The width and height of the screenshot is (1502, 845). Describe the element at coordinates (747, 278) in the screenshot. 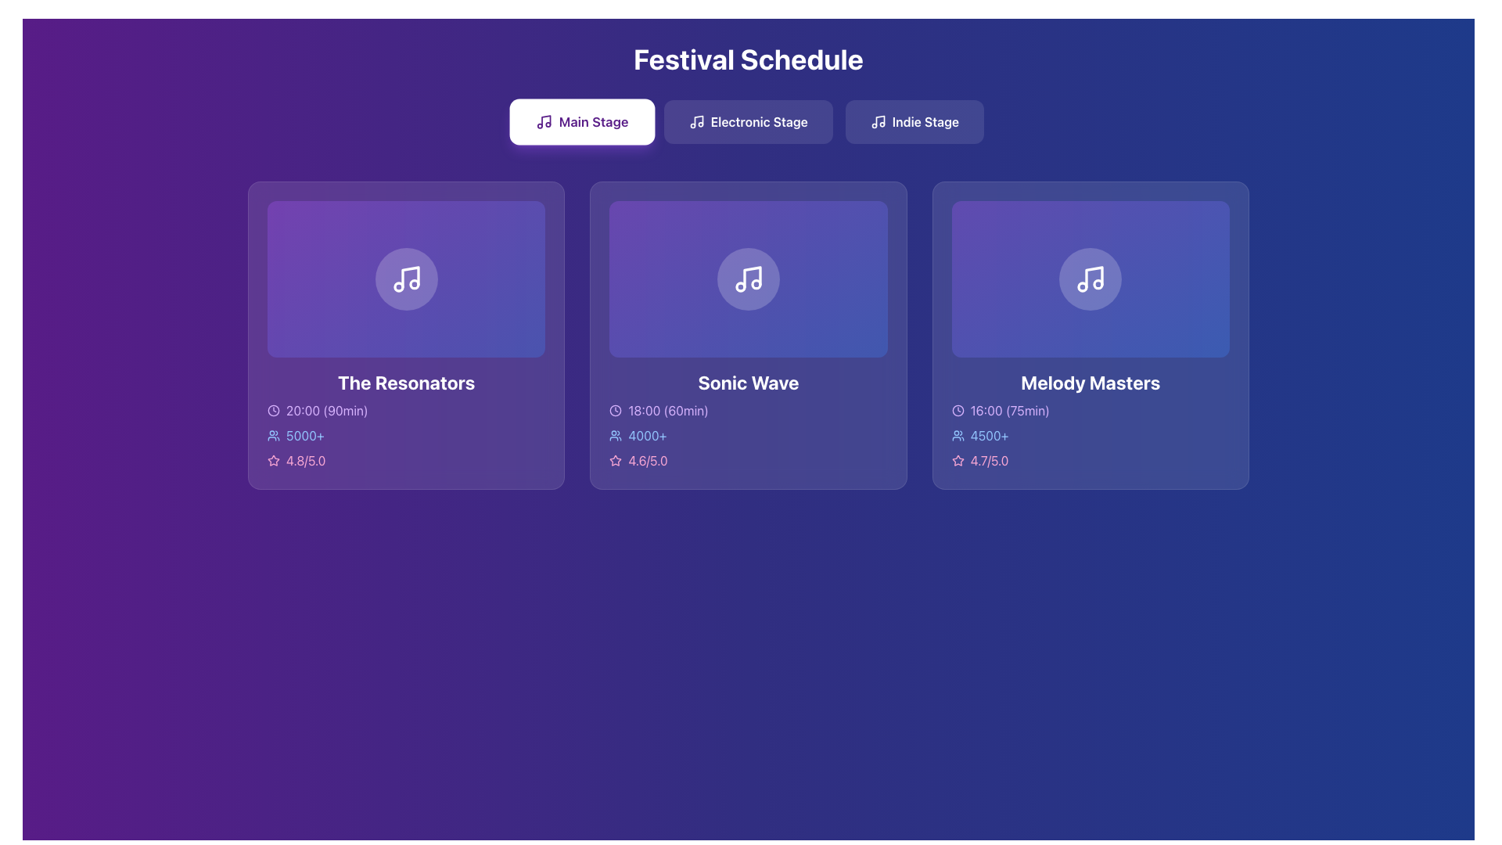

I see `the circular button with an icon representing music within the 'Sonic Wave' section to interact with it` at that location.